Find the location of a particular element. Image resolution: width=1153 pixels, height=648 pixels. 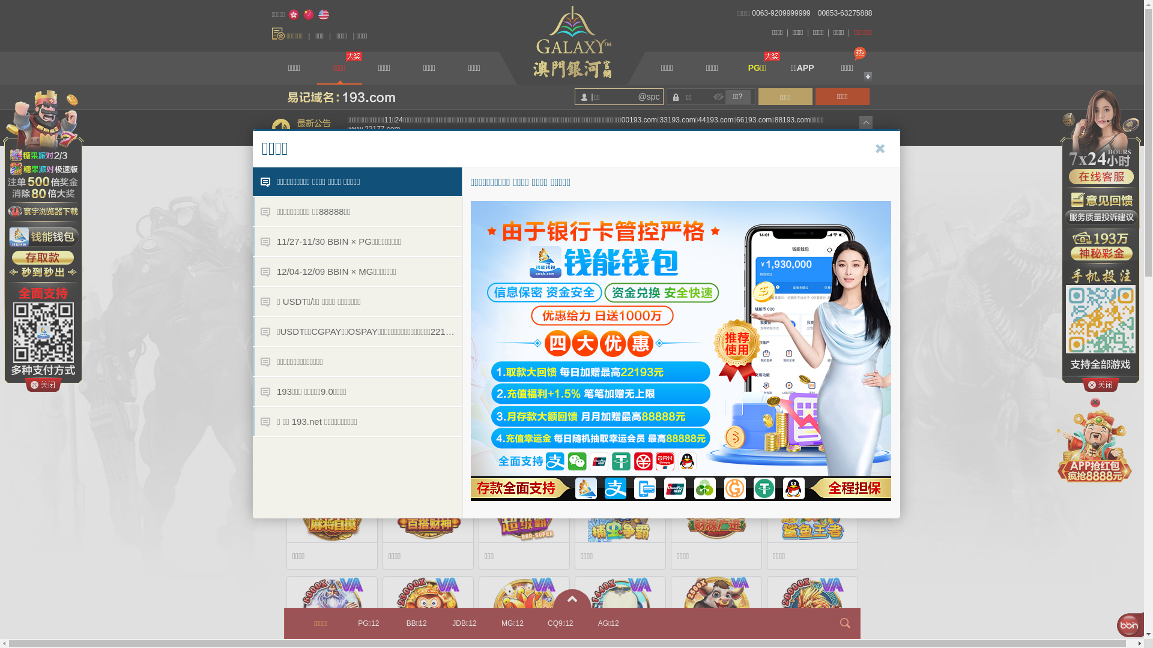

'English' is located at coordinates (323, 14).